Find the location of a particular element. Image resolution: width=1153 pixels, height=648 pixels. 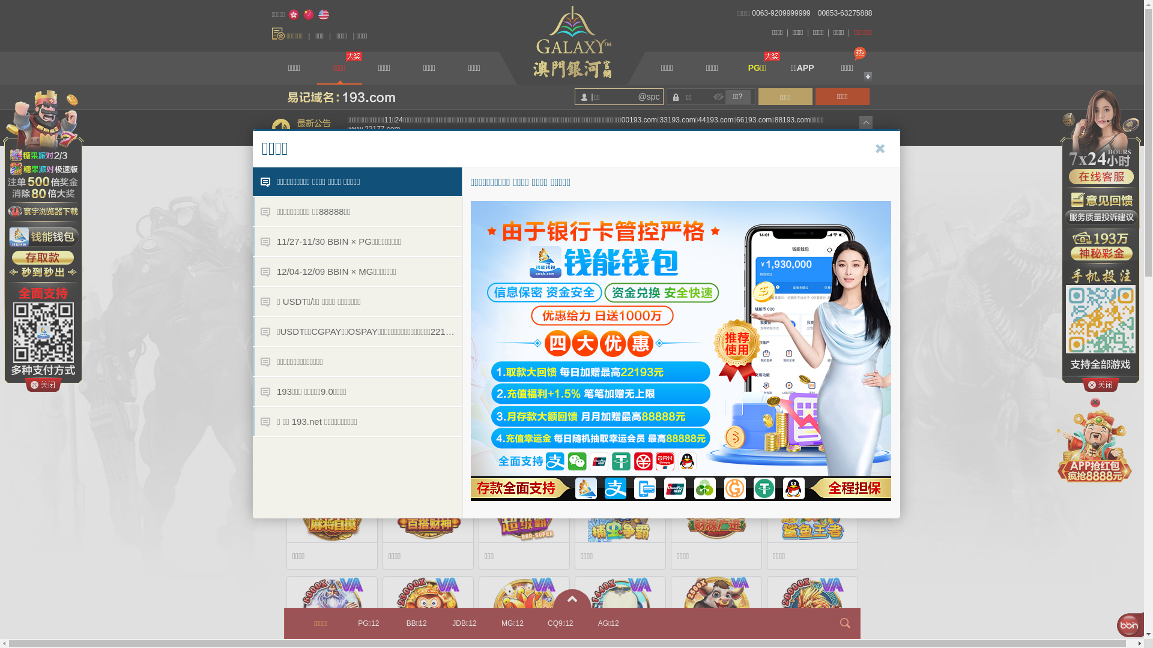

'English' is located at coordinates (323, 14).